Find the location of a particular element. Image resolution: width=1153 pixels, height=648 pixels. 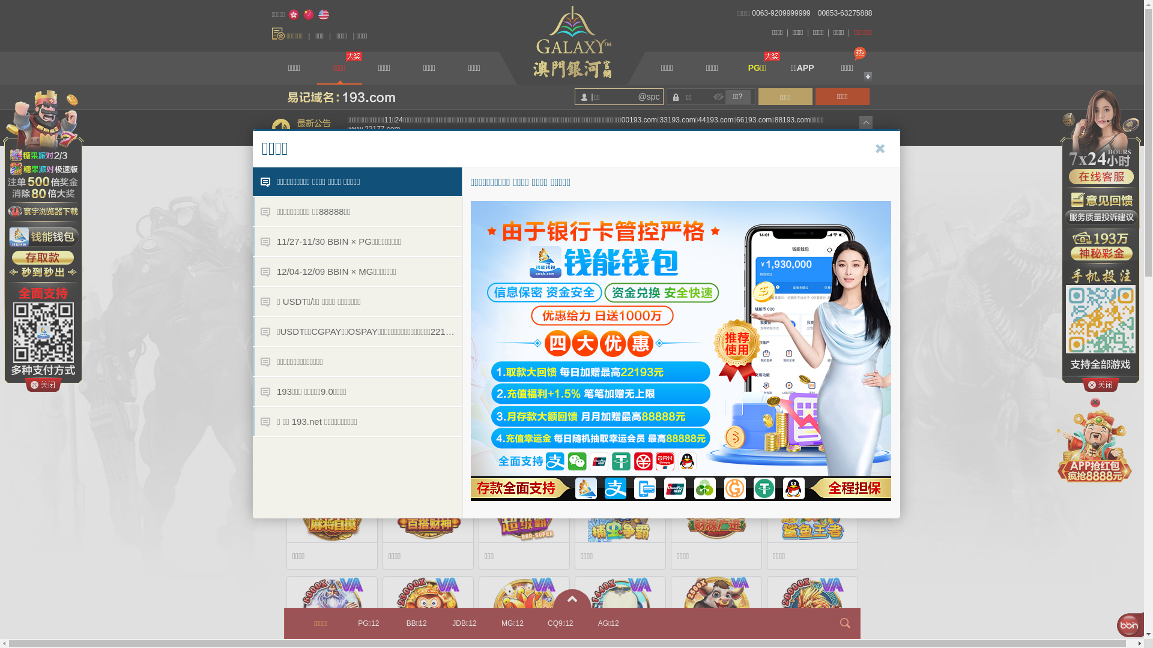

'English' is located at coordinates (323, 14).